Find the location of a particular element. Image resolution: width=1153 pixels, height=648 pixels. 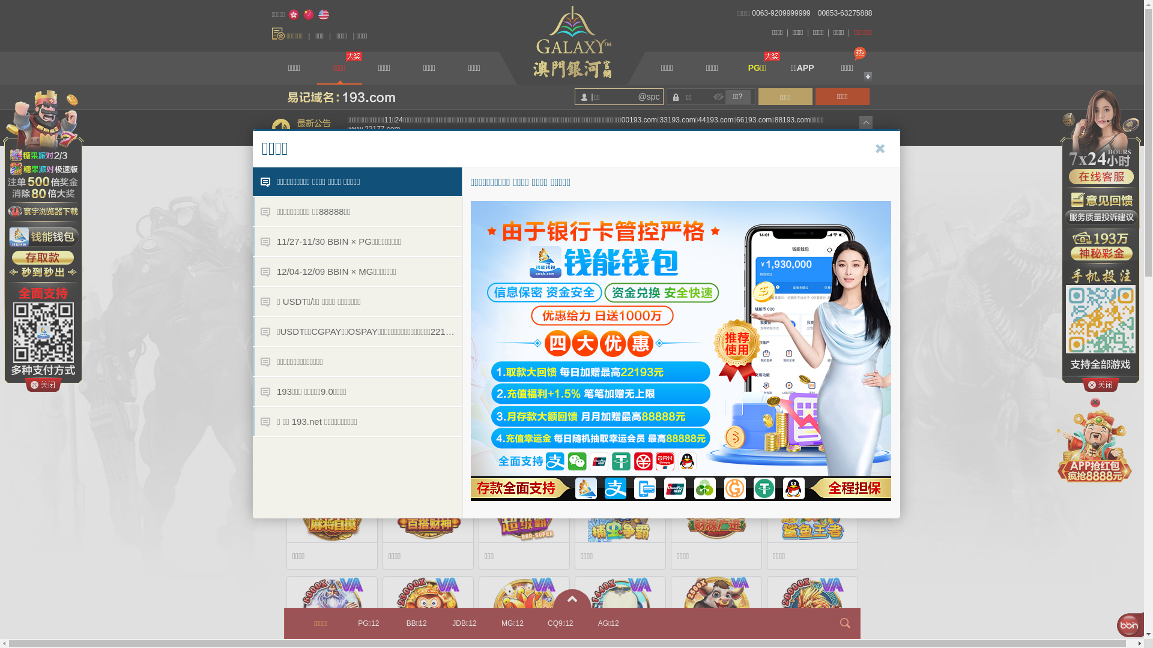

'English' is located at coordinates (323, 14).